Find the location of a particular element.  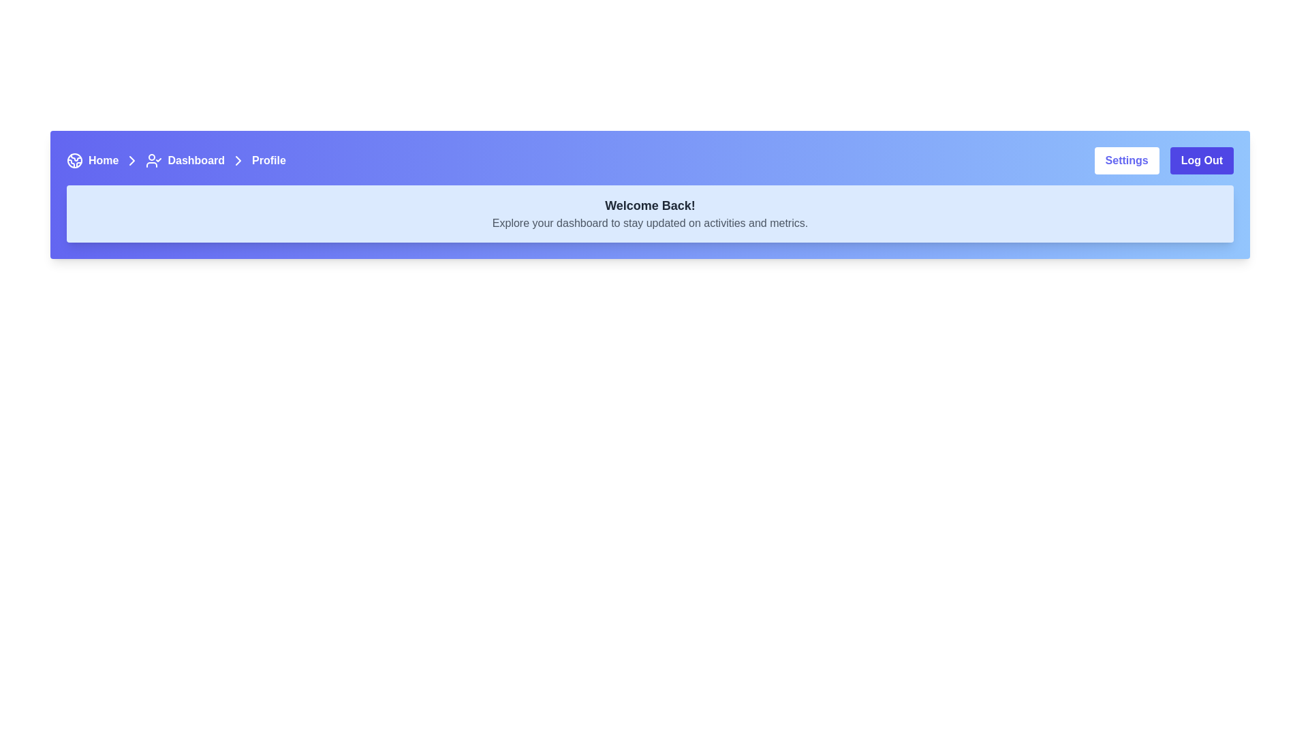

the Breadcrumb link located at the very left of the breadcrumb-style navigation bar is located at coordinates (106, 159).